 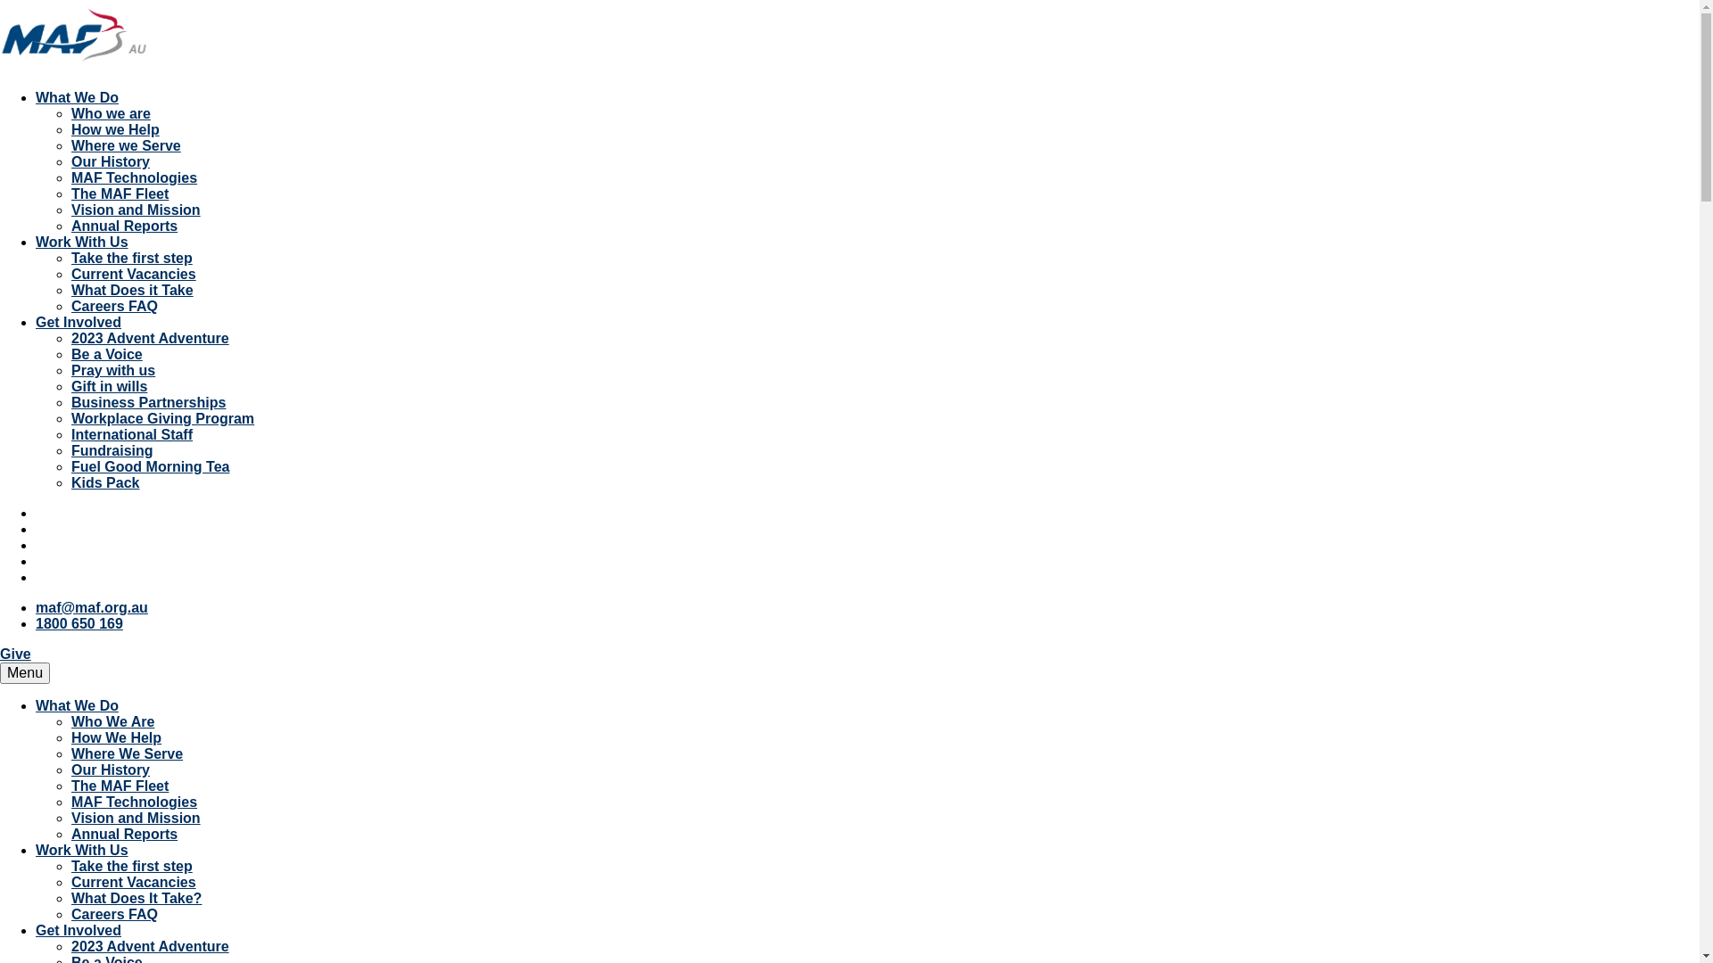 I want to click on 'Gift in wills', so click(x=71, y=385).